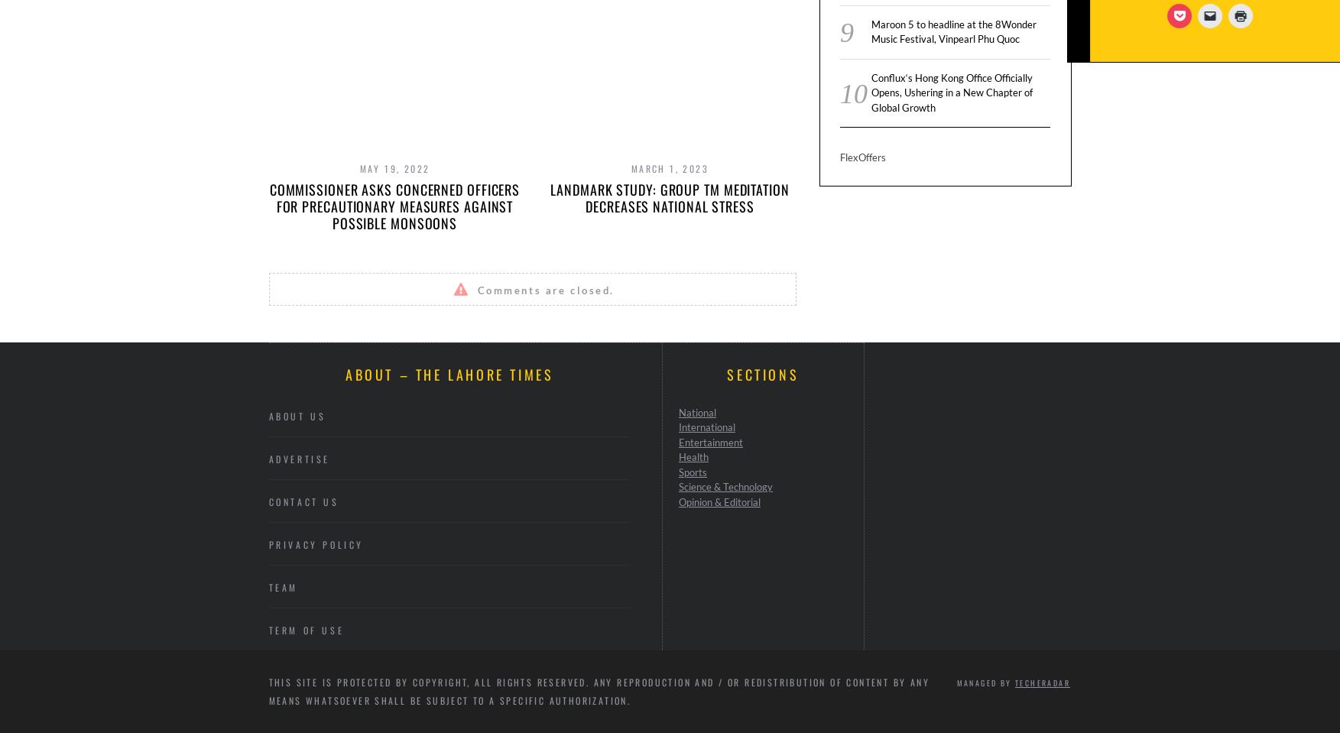 This screenshot has height=733, width=1340. What do you see at coordinates (709, 440) in the screenshot?
I see `'Entertainment'` at bounding box center [709, 440].